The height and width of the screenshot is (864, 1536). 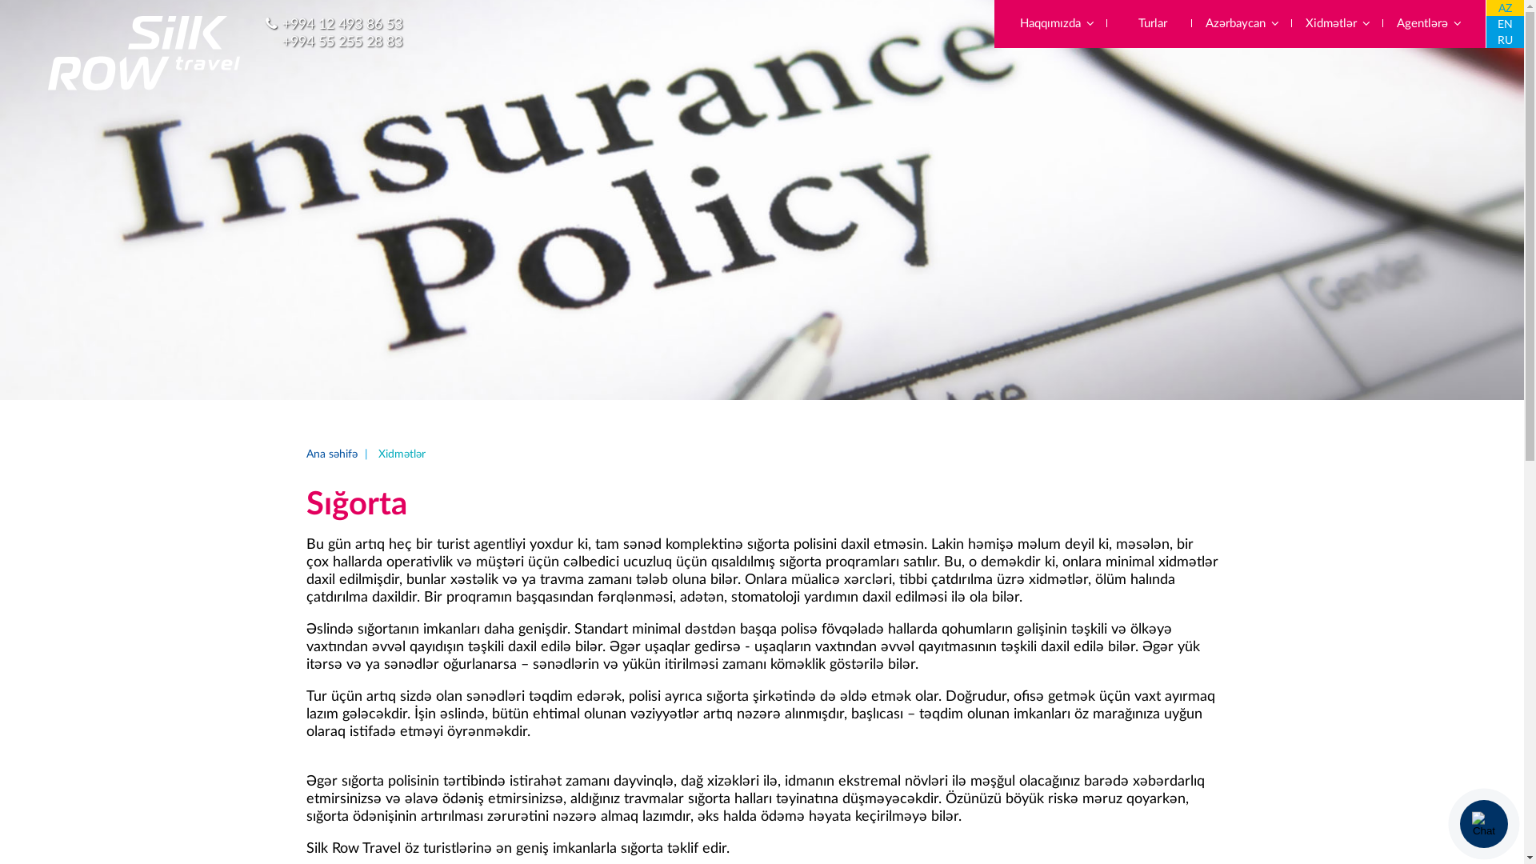 What do you see at coordinates (1150, 24) in the screenshot?
I see `'Turlar'` at bounding box center [1150, 24].